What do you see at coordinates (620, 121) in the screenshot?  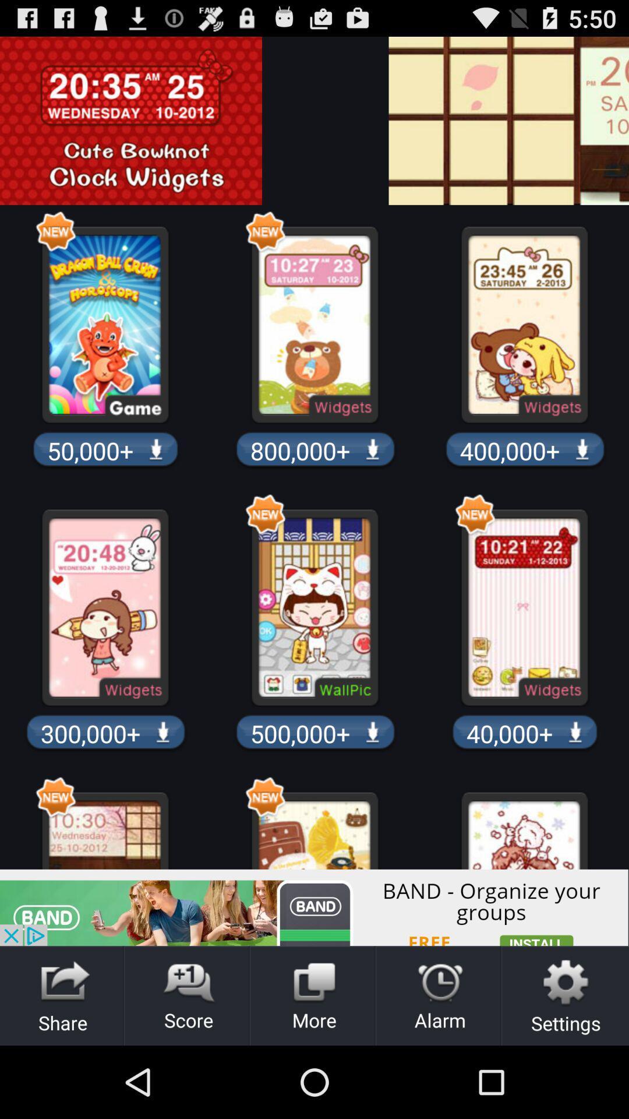 I see `advertising` at bounding box center [620, 121].